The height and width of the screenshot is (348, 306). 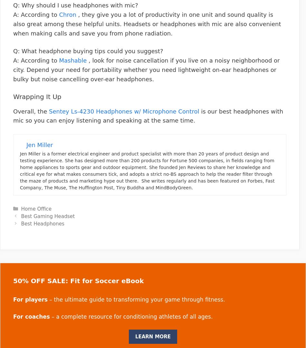 I want to click on ', look for noise cancellation if you live on a noisy neighborhood or city. Depend your need for portability whether you need lightweight on-ear headphones or bulky but noise cancelling over-ear headphones.', so click(x=146, y=69).